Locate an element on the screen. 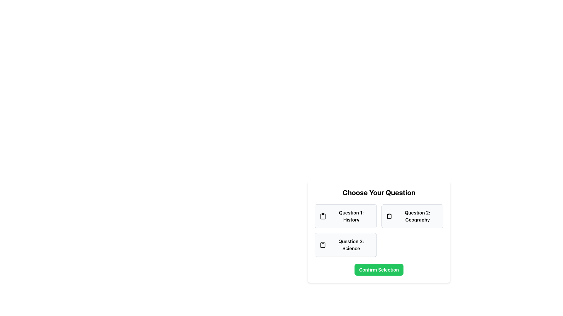 The width and height of the screenshot is (563, 316). the clipboard icon located to the left of the text 'Question 2: Geography' in the bordered rectangular section is located at coordinates (389, 216).